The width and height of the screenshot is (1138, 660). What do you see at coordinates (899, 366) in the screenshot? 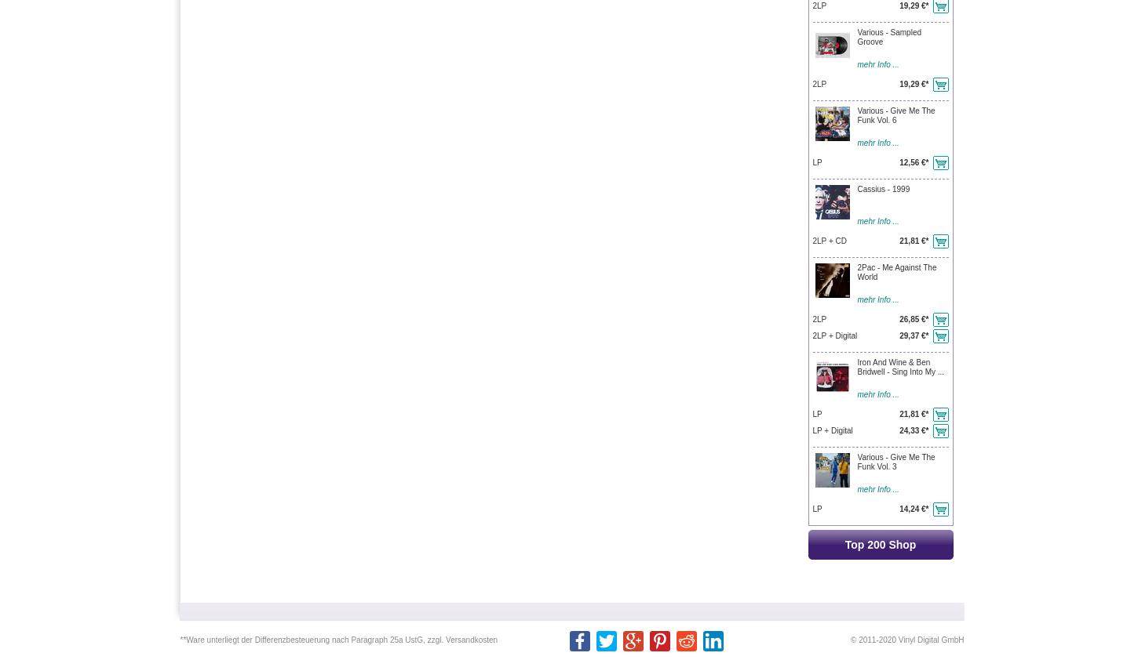
I see `'Iron And Wine & Ben Bridwell - Sing Into My ...'` at bounding box center [899, 366].